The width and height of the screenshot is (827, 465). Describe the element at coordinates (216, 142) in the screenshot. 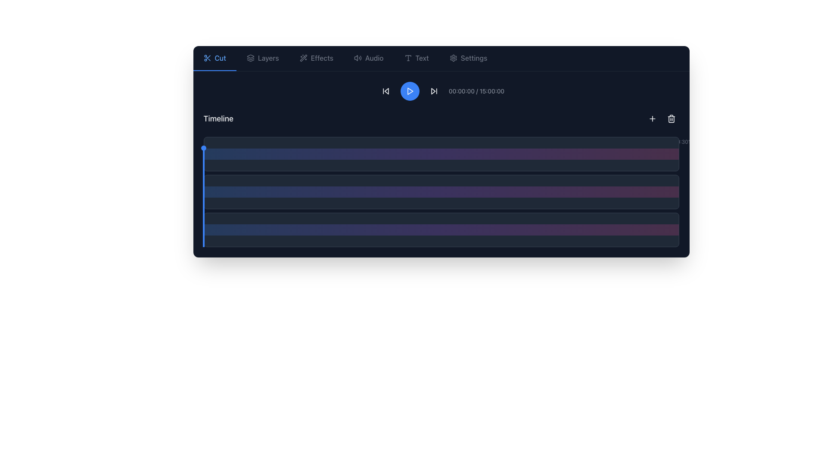

I see `the first horizontal time marker labeled '0:00' on the timeline interface, positioned at the far left of the timeline` at that location.